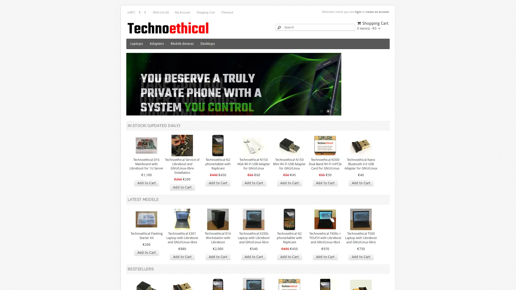 This screenshot has width=516, height=290. I want to click on Add to Cart, so click(182, 274).